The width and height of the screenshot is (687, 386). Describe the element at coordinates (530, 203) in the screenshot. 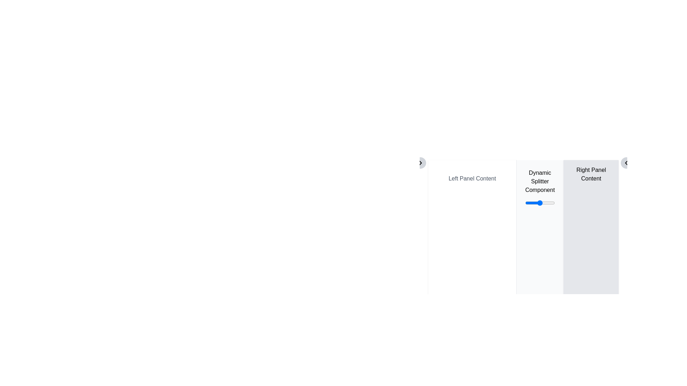

I see `the slider value` at that location.